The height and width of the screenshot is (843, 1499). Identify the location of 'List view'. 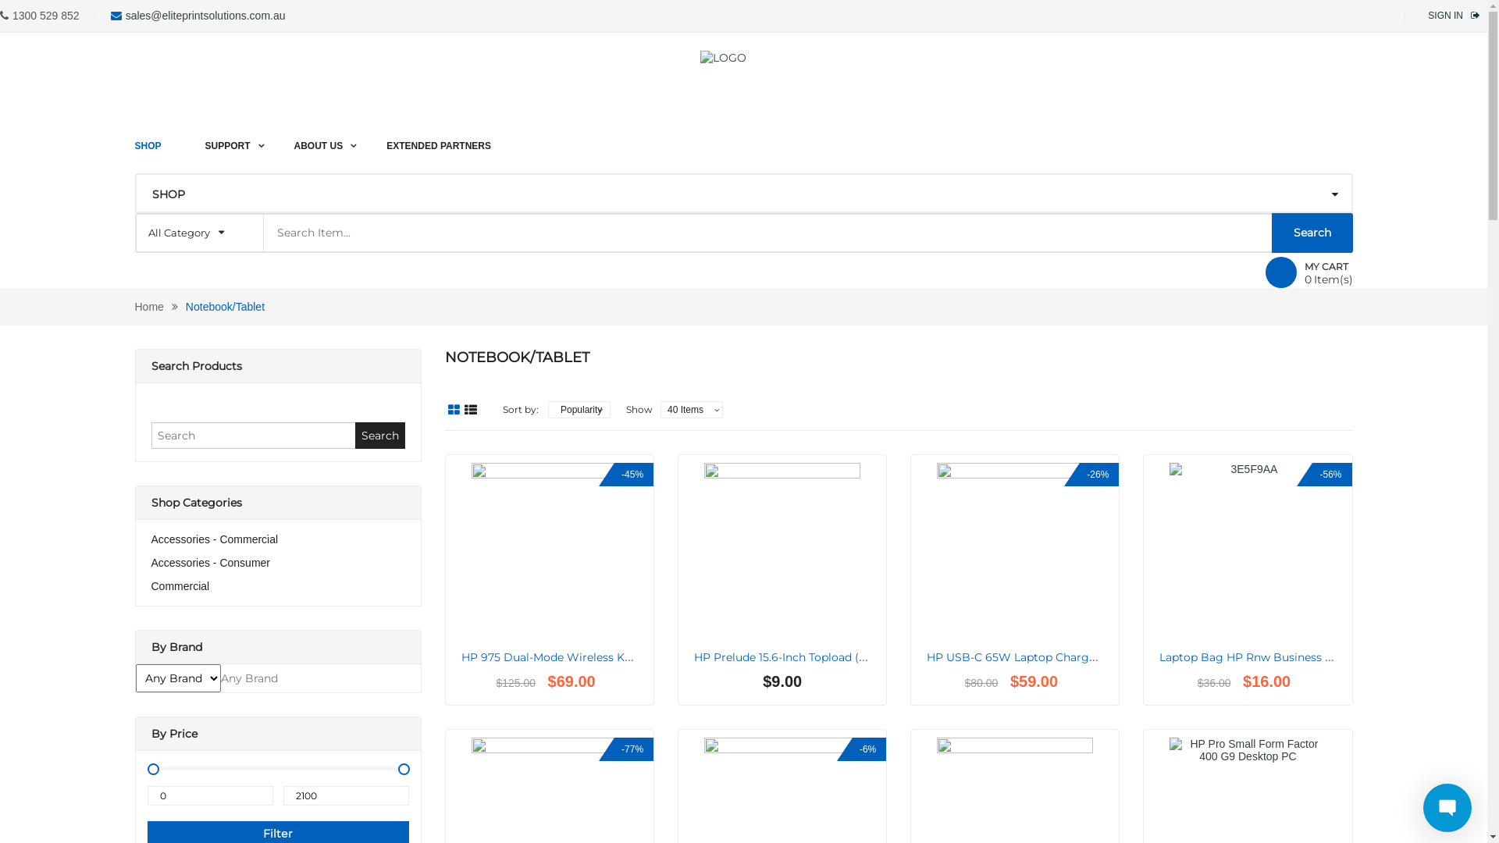
(470, 408).